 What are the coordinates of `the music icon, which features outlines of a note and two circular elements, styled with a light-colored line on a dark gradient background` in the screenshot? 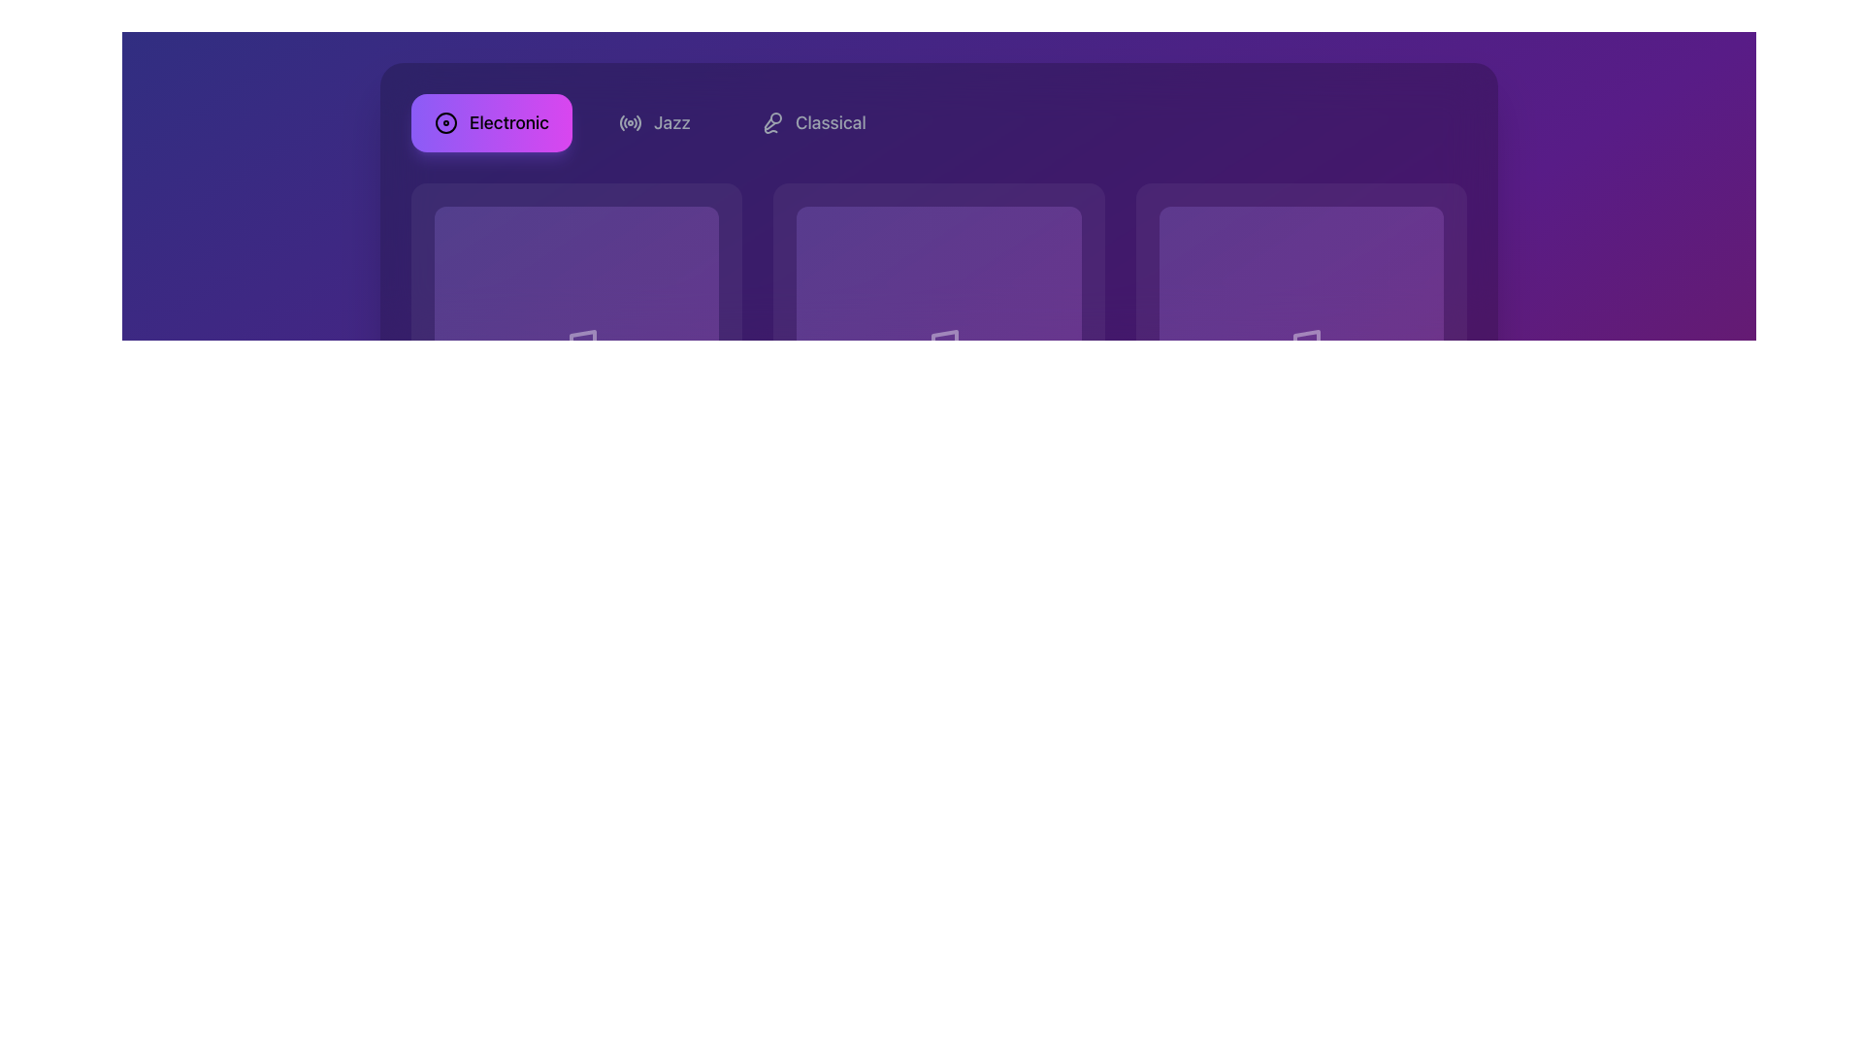 It's located at (575, 347).